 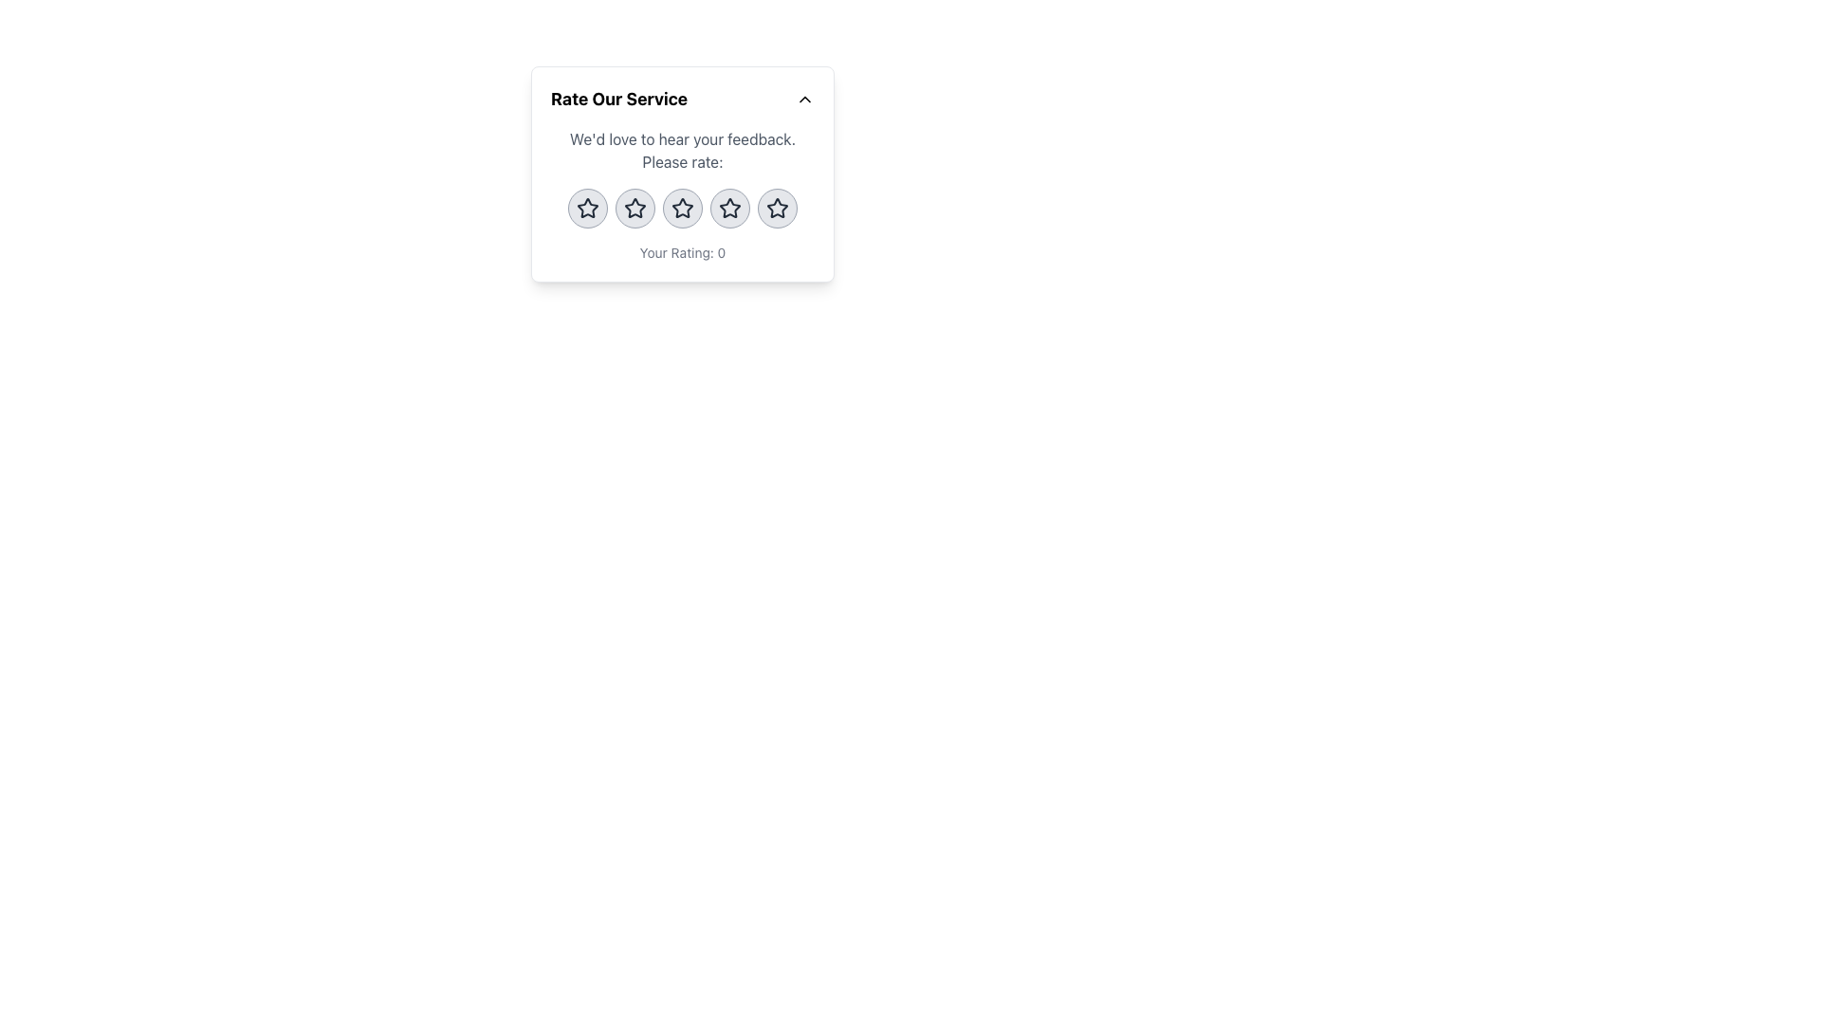 What do you see at coordinates (635, 208) in the screenshot?
I see `the second star-shaped icon in the rating component` at bounding box center [635, 208].